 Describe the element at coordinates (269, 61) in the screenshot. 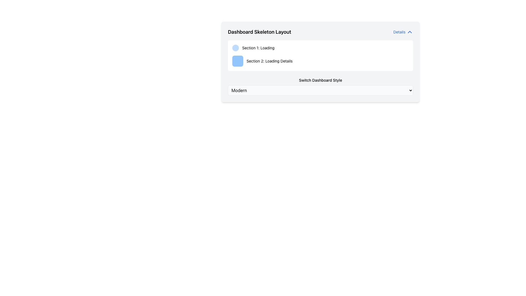

I see `text label for 'Section 2: Loading Details' positioned in the second row next to a blue square icon` at that location.